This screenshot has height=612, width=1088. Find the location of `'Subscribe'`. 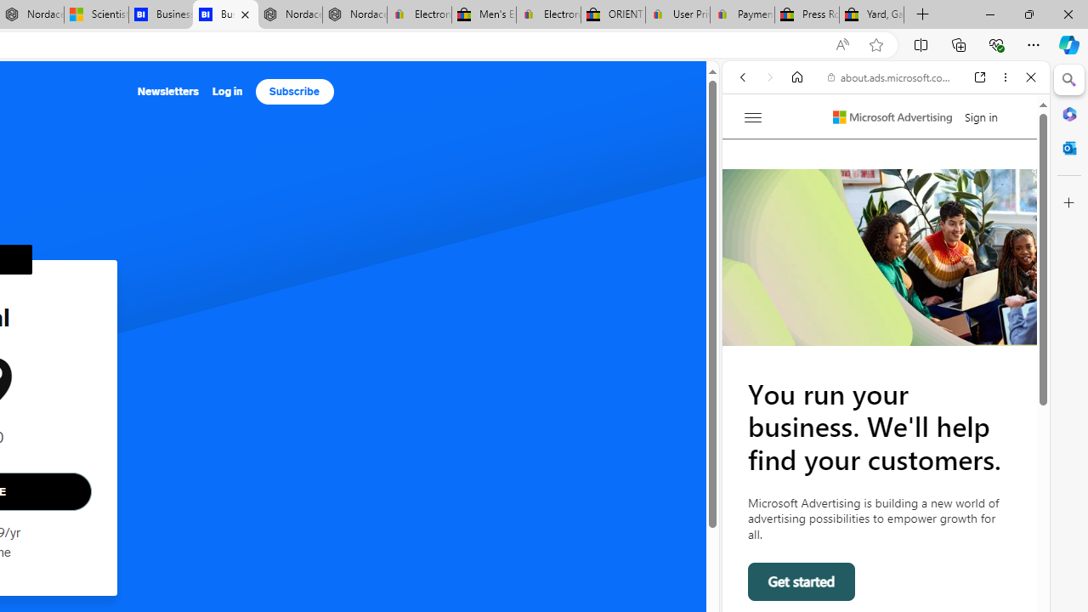

'Subscribe' is located at coordinates (294, 92).